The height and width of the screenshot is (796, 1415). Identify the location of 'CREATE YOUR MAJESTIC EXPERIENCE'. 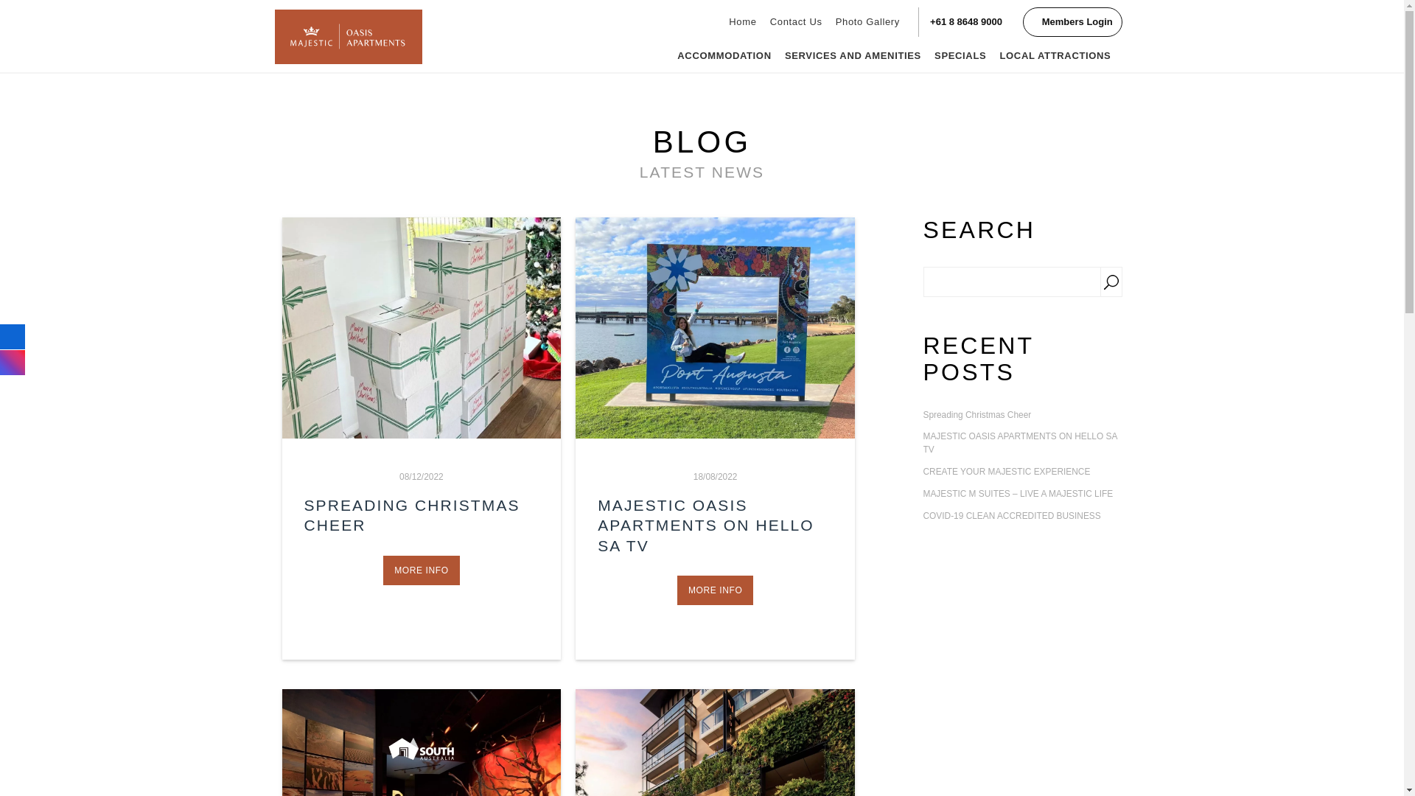
(1021, 472).